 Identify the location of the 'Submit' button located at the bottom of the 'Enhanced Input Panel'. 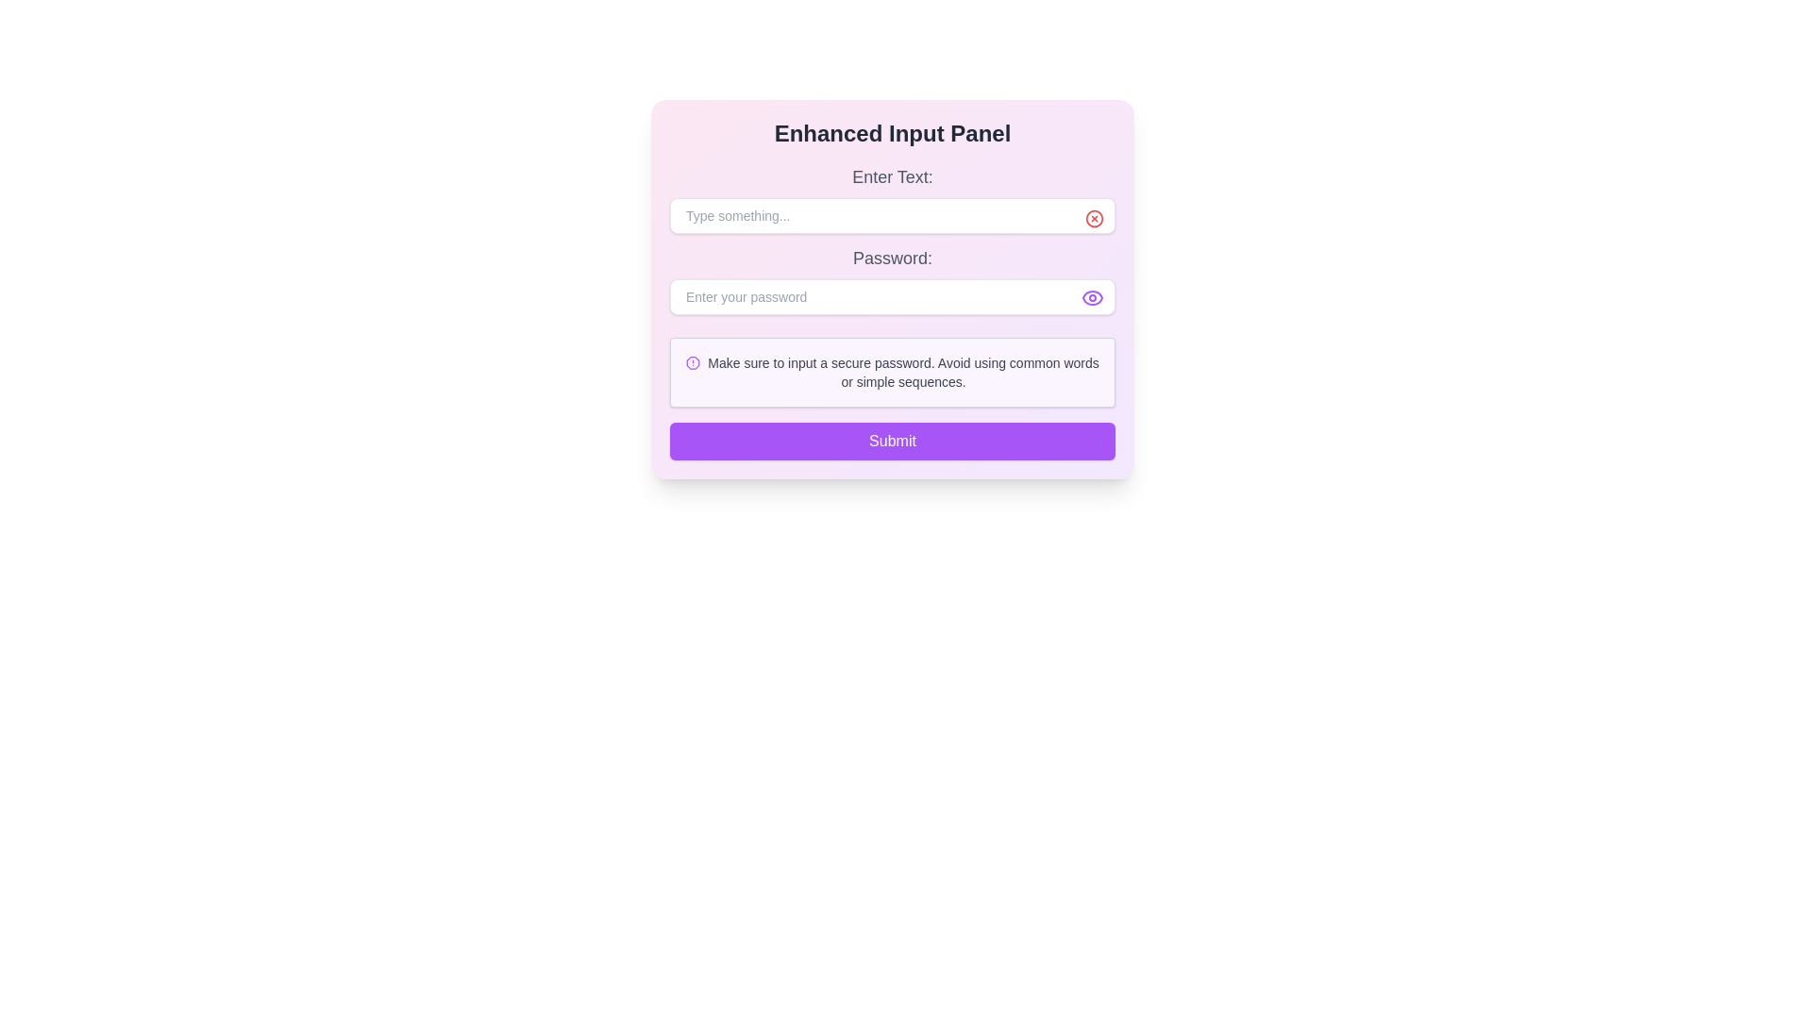
(891, 441).